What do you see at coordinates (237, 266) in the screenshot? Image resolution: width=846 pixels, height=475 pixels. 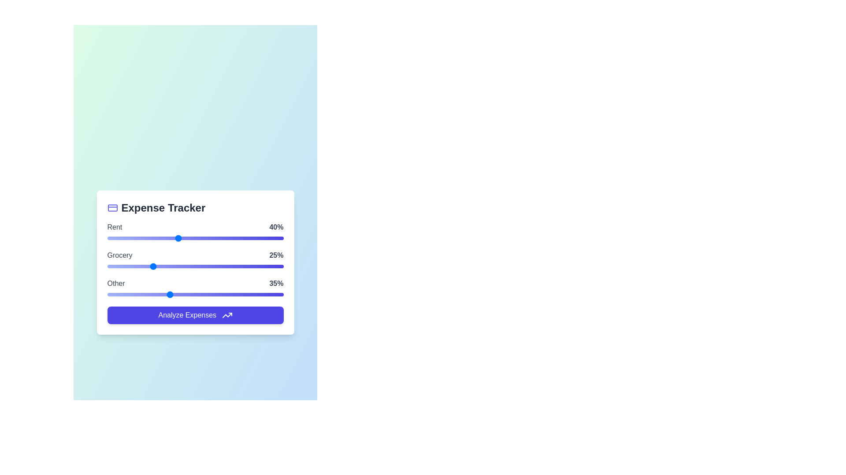 I see `the 'Grocery' slider to 74%` at bounding box center [237, 266].